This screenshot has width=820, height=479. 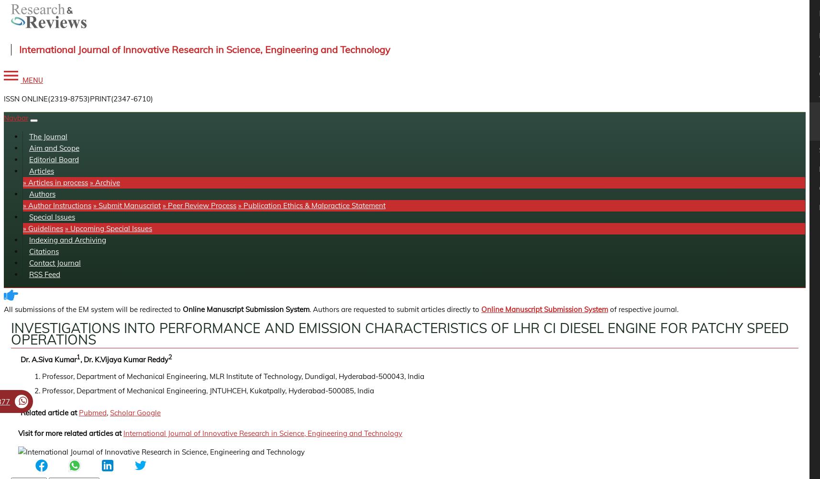 I want to click on 'Pubmed', so click(x=79, y=412).